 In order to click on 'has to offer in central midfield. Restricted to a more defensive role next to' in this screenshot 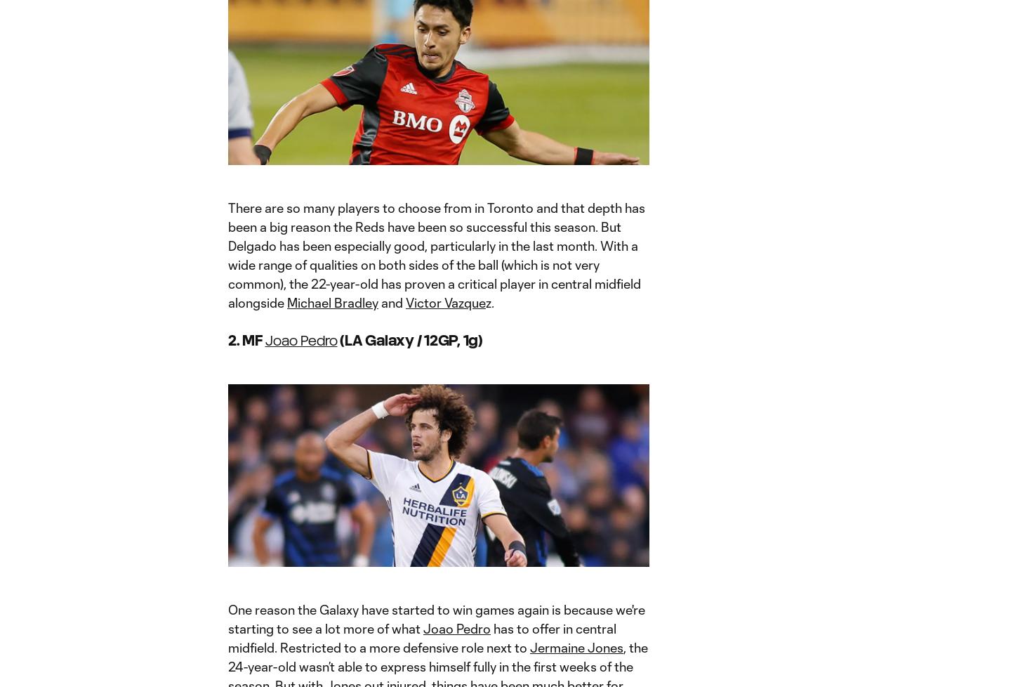, I will do `click(422, 636)`.